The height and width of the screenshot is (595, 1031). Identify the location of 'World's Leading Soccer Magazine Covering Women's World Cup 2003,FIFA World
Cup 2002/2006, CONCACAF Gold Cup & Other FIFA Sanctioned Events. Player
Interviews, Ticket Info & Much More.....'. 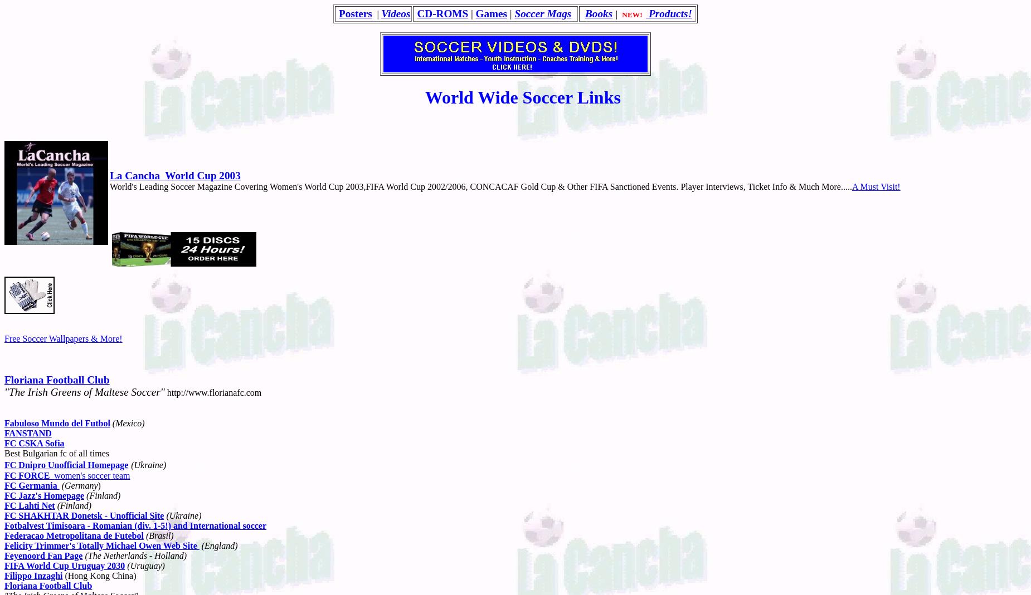
(480, 186).